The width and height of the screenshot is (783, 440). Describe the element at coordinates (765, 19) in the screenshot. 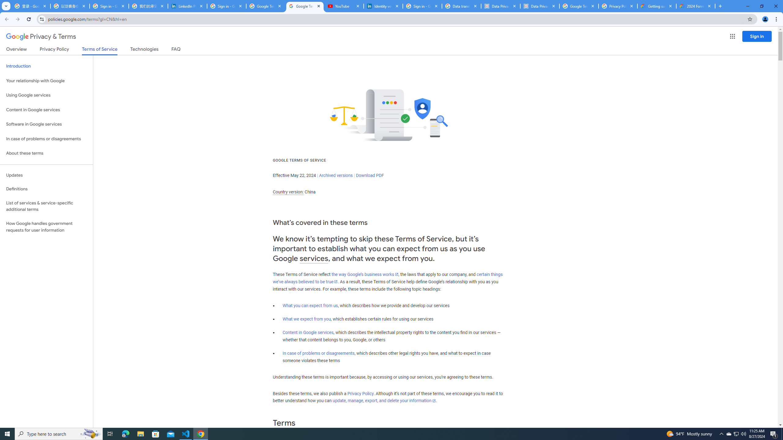

I see `'You'` at that location.